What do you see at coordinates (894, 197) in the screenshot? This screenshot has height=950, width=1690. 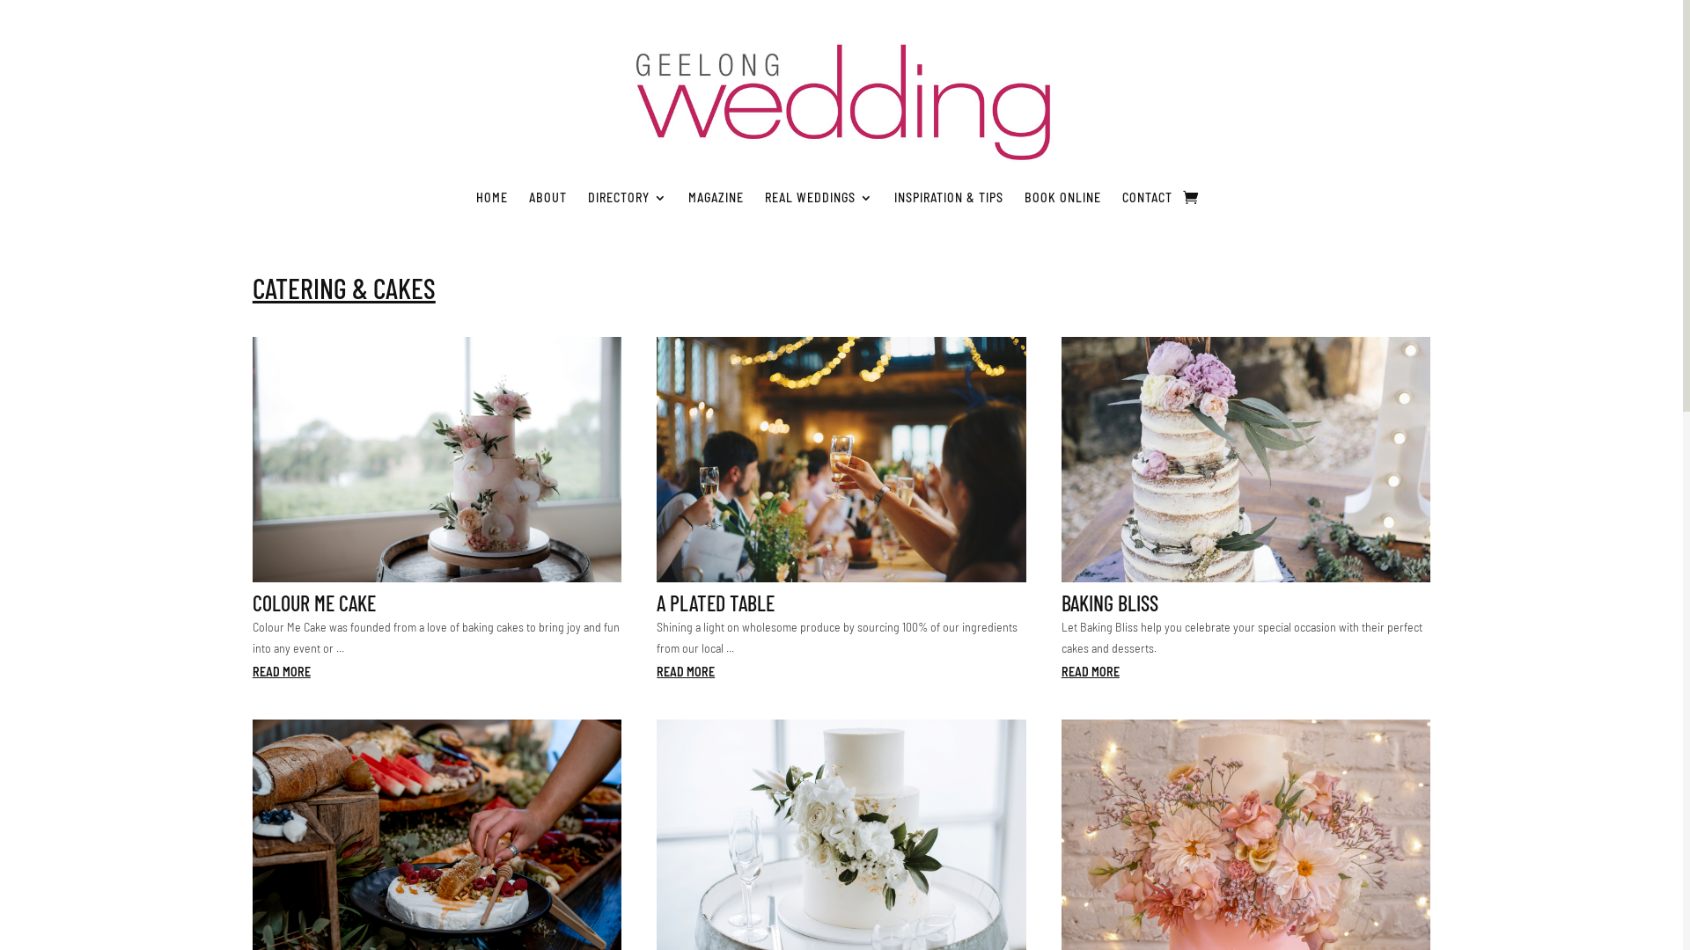 I see `'INSPIRATION & TIPS'` at bounding box center [894, 197].